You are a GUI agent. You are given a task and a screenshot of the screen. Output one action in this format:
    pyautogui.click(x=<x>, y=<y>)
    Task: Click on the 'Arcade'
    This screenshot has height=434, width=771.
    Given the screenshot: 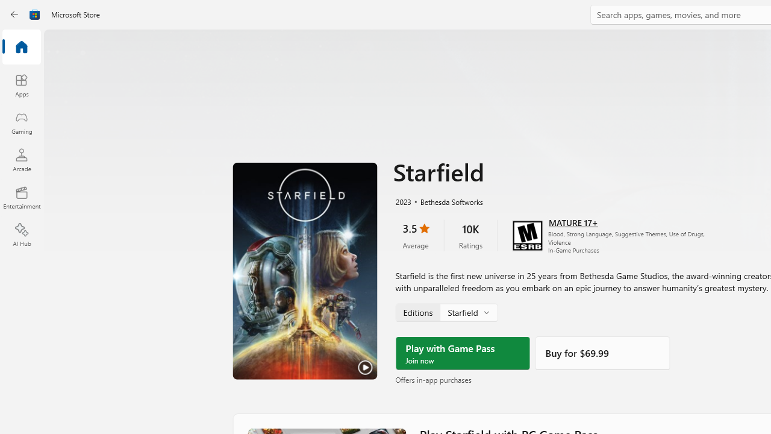 What is the action you would take?
    pyautogui.click(x=21, y=159)
    